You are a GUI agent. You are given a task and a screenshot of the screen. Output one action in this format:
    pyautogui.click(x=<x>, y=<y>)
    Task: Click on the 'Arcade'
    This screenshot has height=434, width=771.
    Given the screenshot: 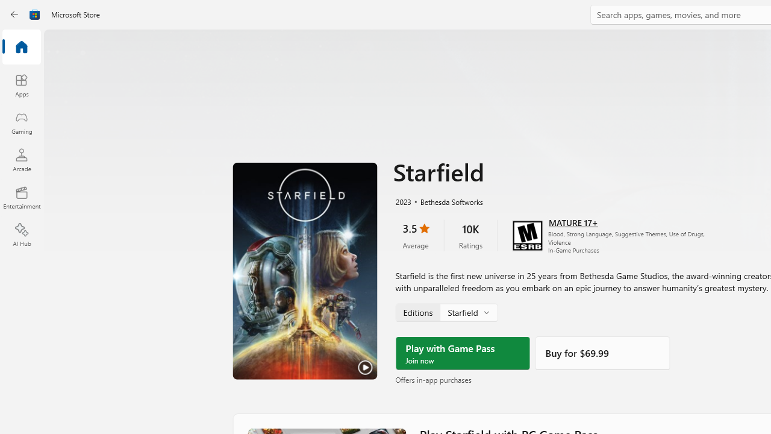 What is the action you would take?
    pyautogui.click(x=21, y=159)
    